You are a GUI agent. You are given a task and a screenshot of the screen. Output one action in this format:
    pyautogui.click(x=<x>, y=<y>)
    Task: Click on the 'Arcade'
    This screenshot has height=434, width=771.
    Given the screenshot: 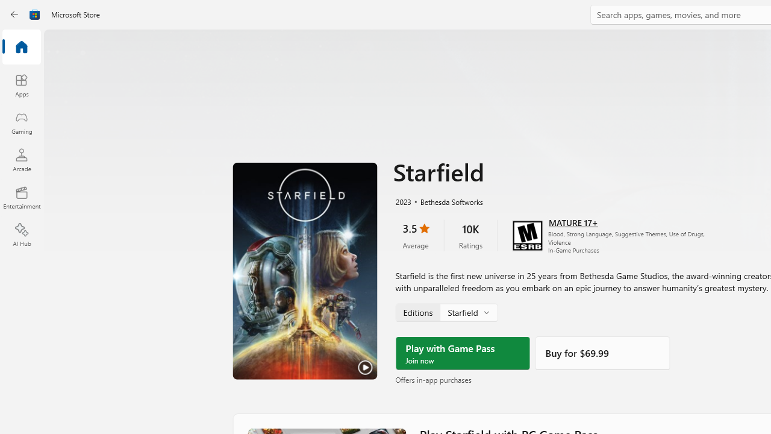 What is the action you would take?
    pyautogui.click(x=21, y=159)
    